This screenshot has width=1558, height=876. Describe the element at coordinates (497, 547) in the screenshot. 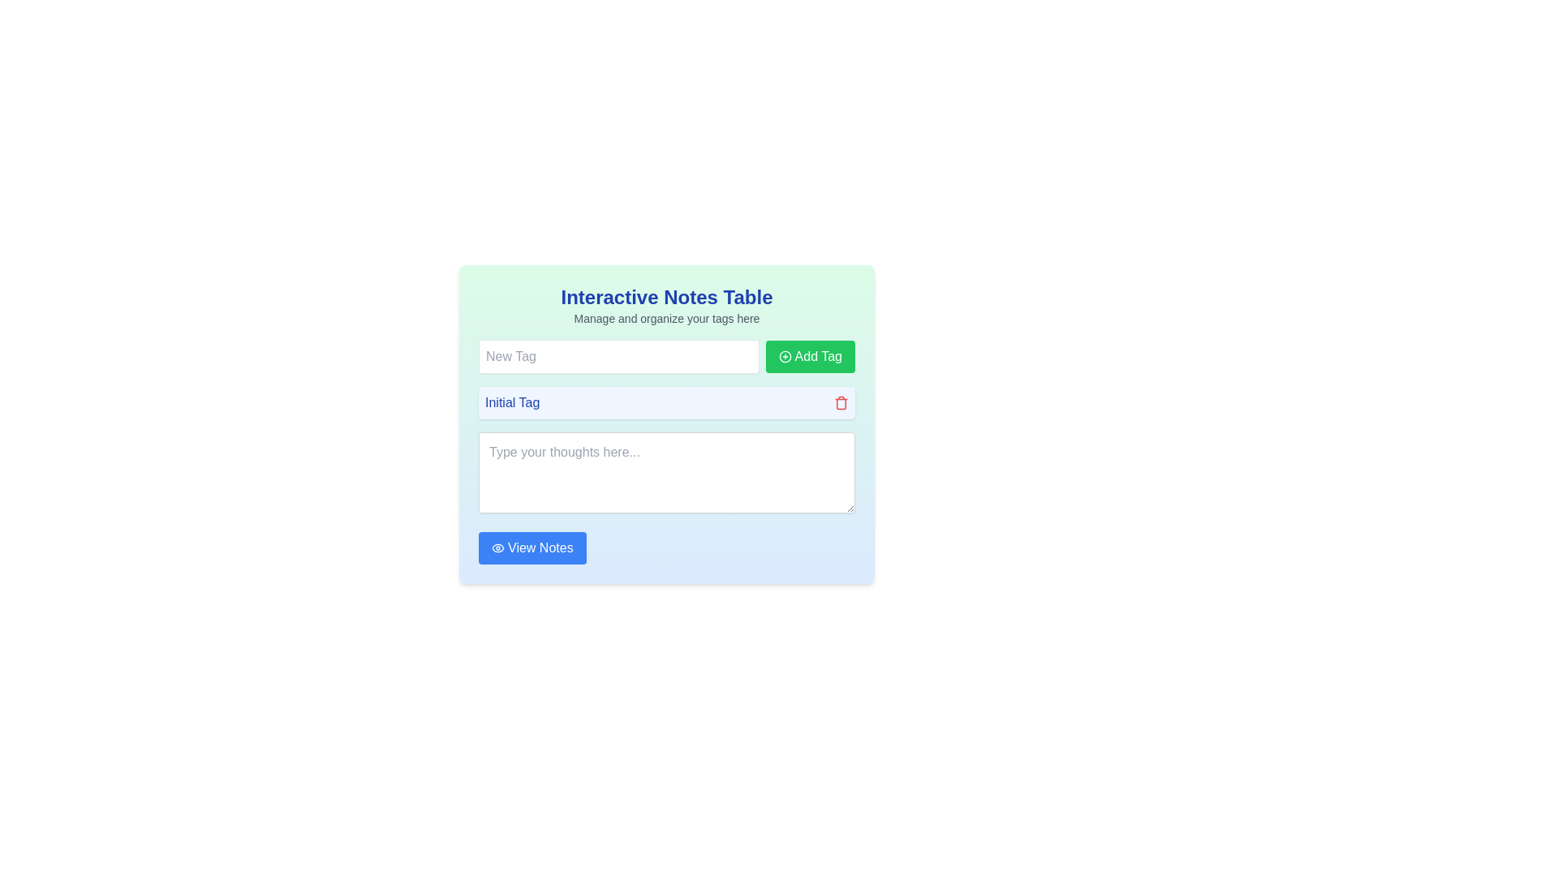

I see `the 'View Notes' button which contains the icon visually representing the action associated with it, located centrally aligned with the text label 'View Notes' and slightly to the left` at that location.